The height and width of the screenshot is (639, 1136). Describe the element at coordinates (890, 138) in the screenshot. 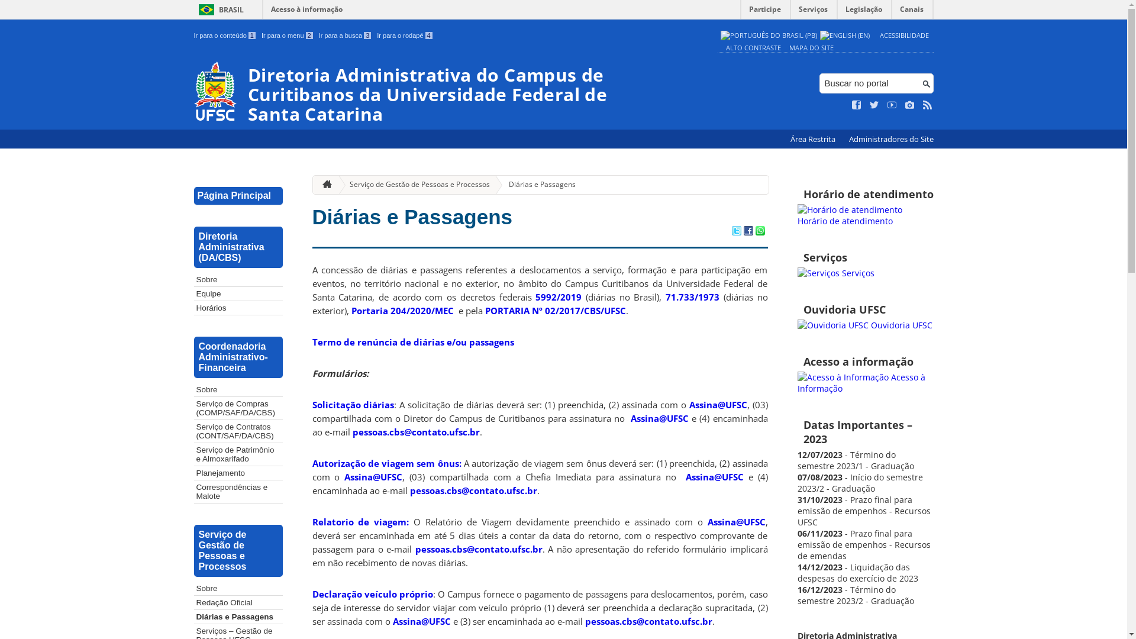

I see `'Administradores do Site'` at that location.